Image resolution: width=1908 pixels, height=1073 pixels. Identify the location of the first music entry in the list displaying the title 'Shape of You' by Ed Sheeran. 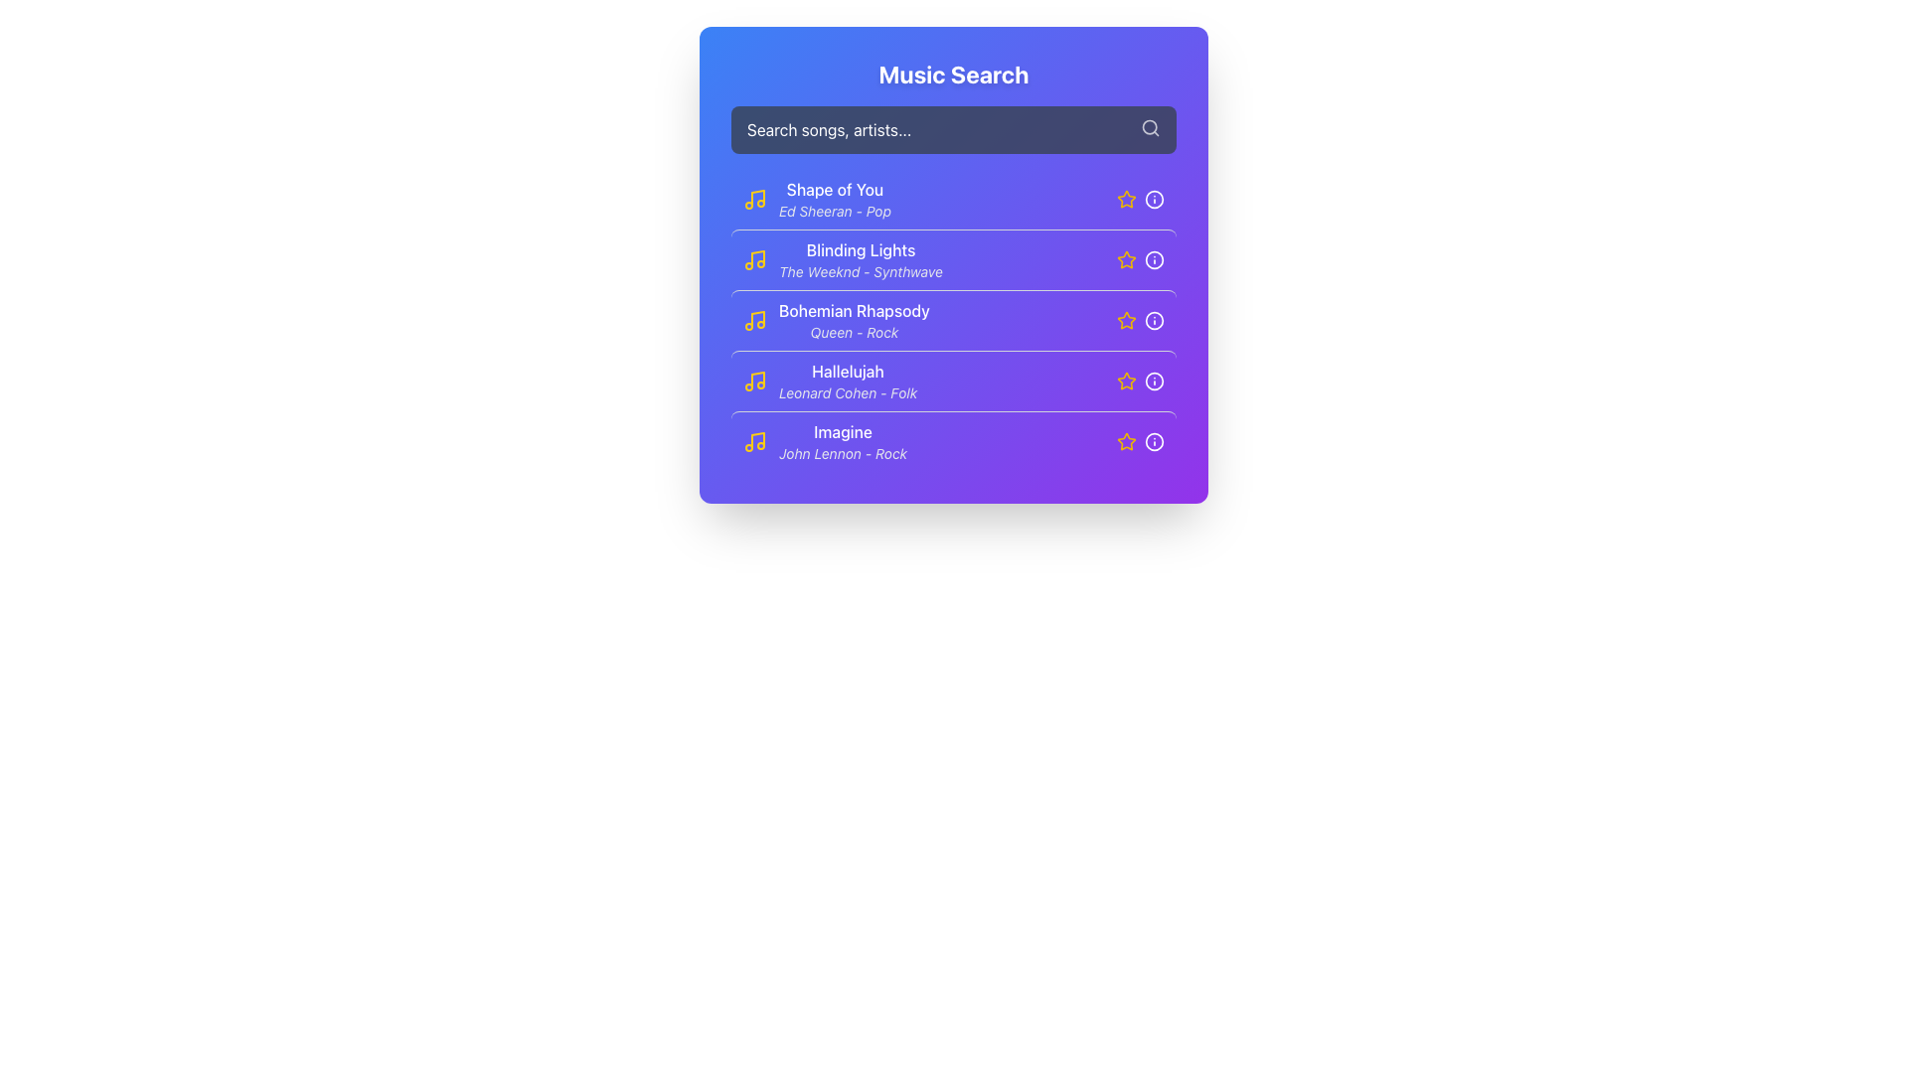
(954, 199).